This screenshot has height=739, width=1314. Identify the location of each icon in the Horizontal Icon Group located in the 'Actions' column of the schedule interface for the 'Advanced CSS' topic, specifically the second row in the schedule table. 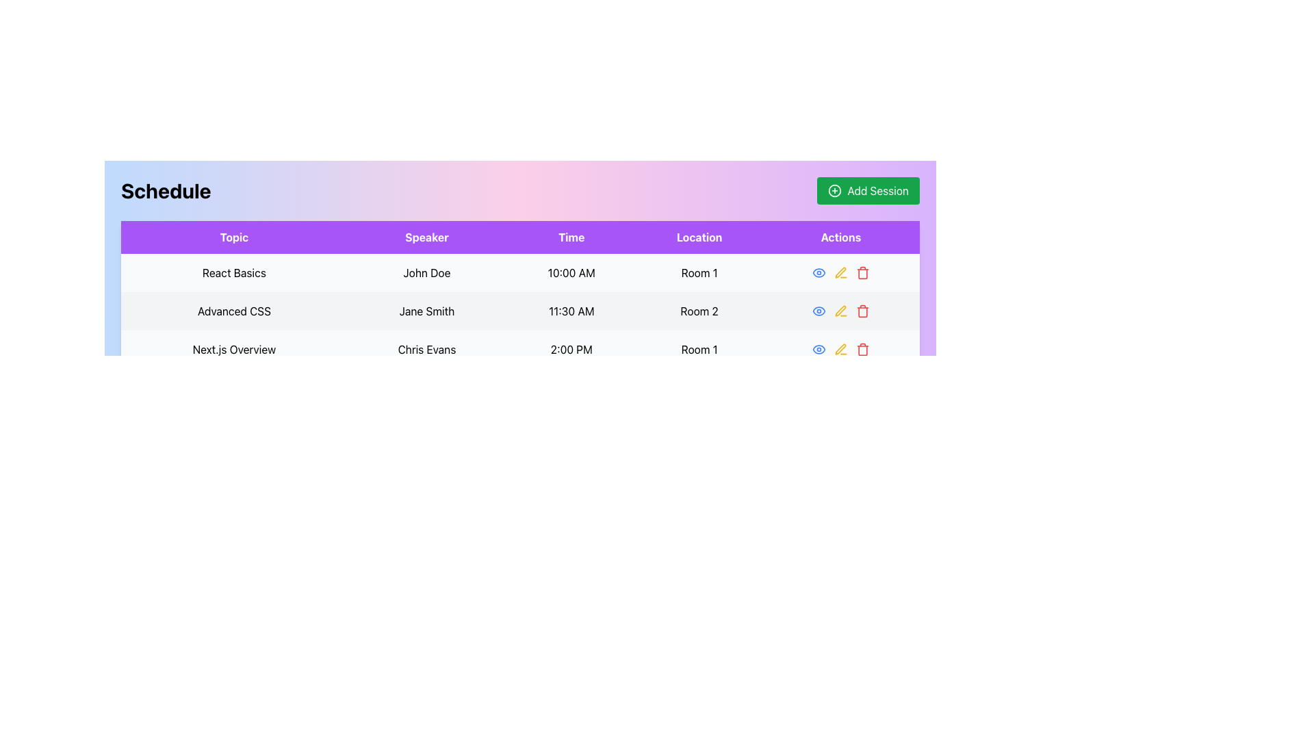
(840, 311).